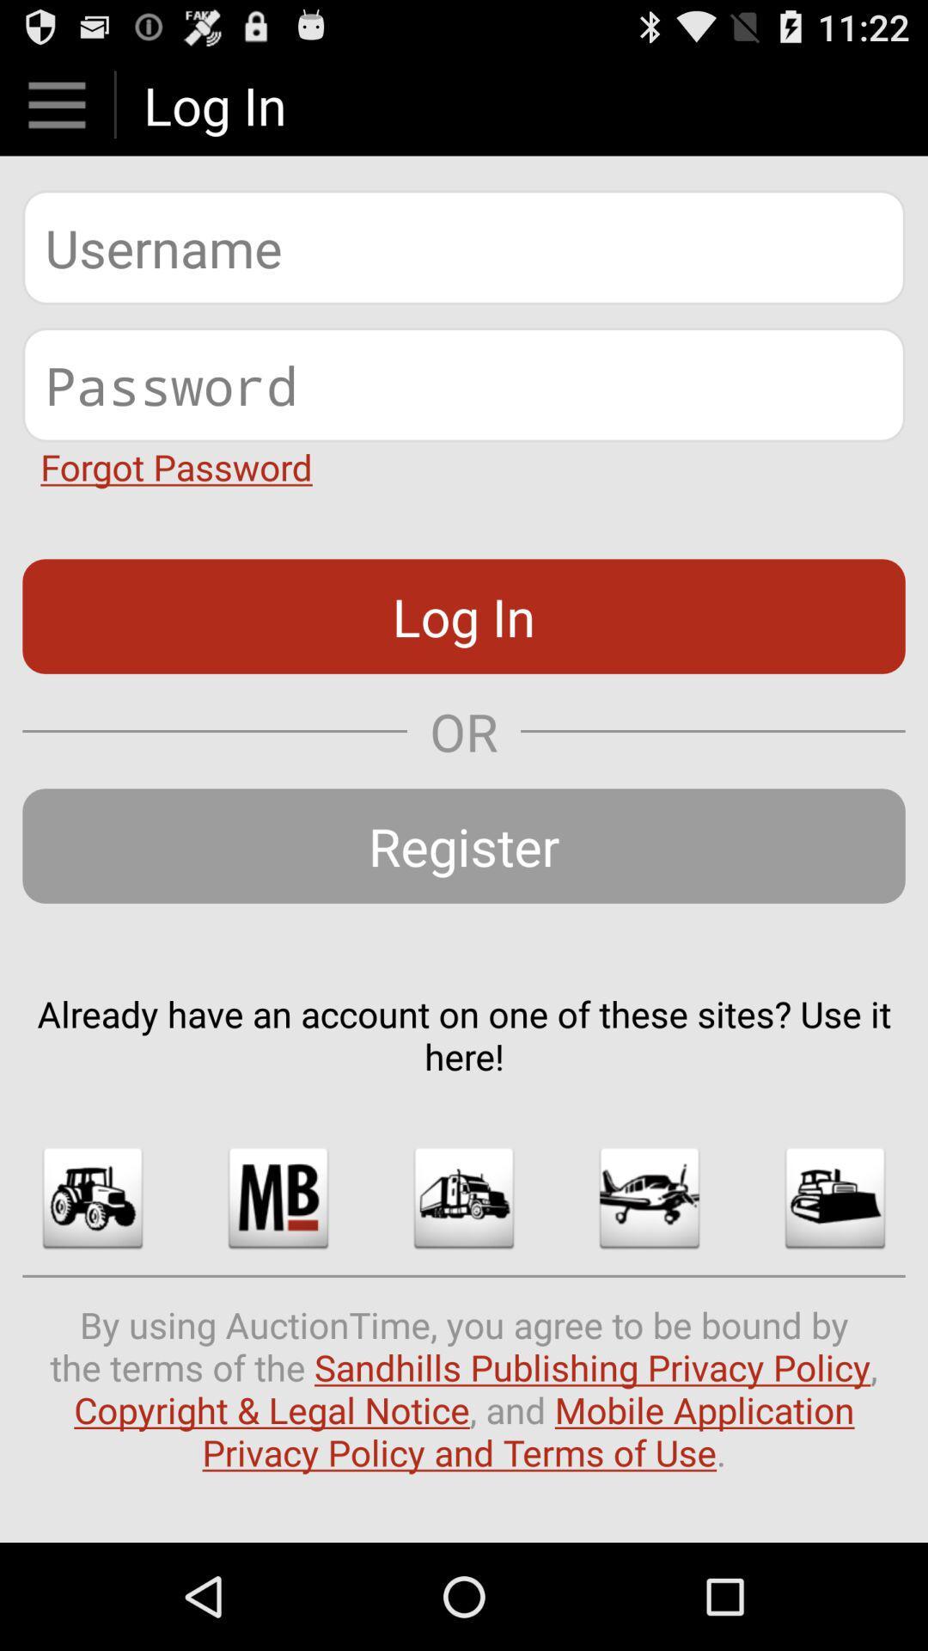 The height and width of the screenshot is (1651, 928). I want to click on shows menu option, so click(56, 104).